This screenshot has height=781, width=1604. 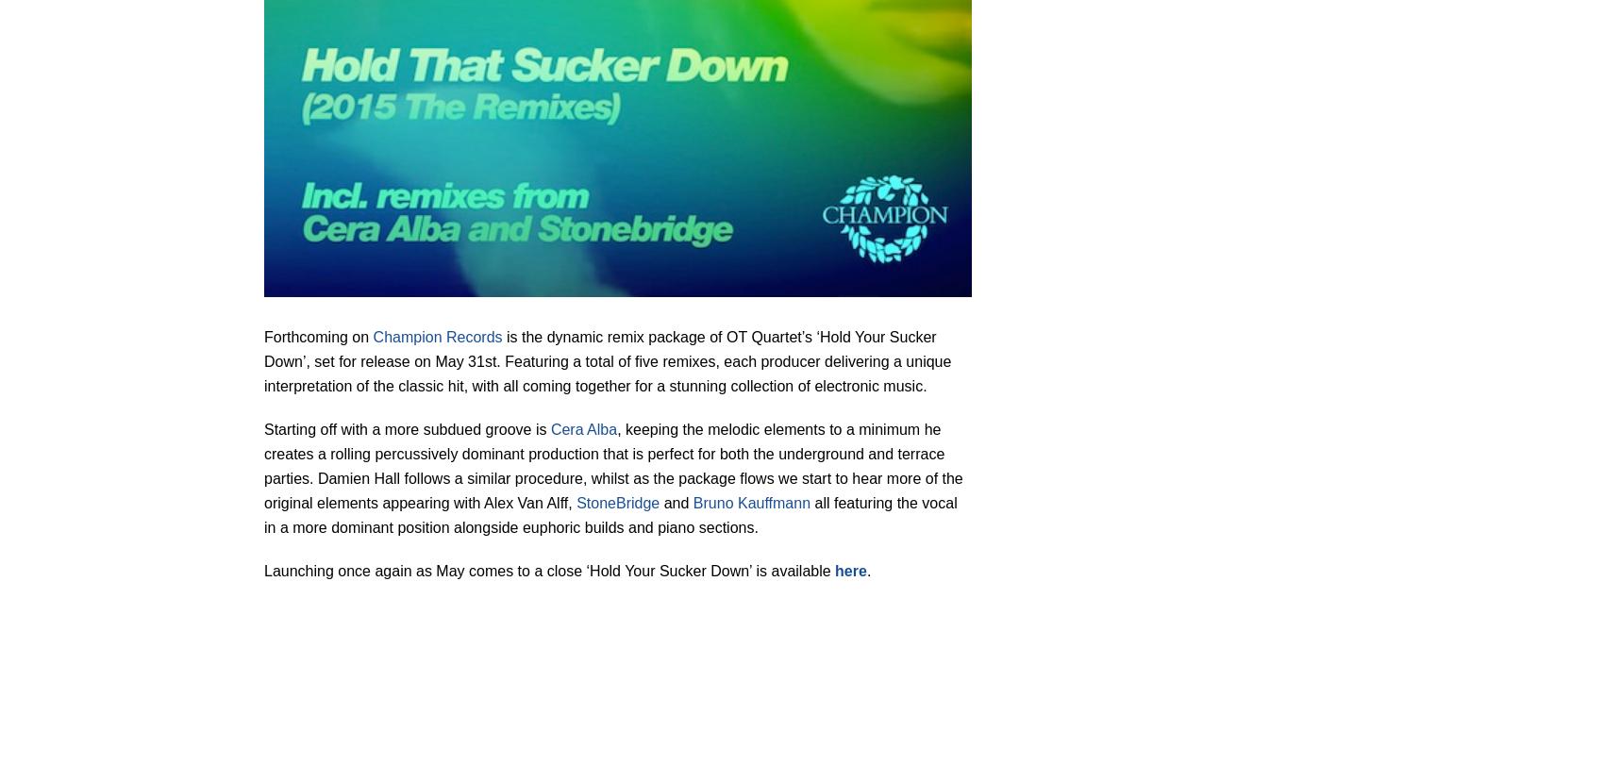 What do you see at coordinates (548, 569) in the screenshot?
I see `'Launching once again as May comes to a close ‘Hold Your Sucker Down’ is available'` at bounding box center [548, 569].